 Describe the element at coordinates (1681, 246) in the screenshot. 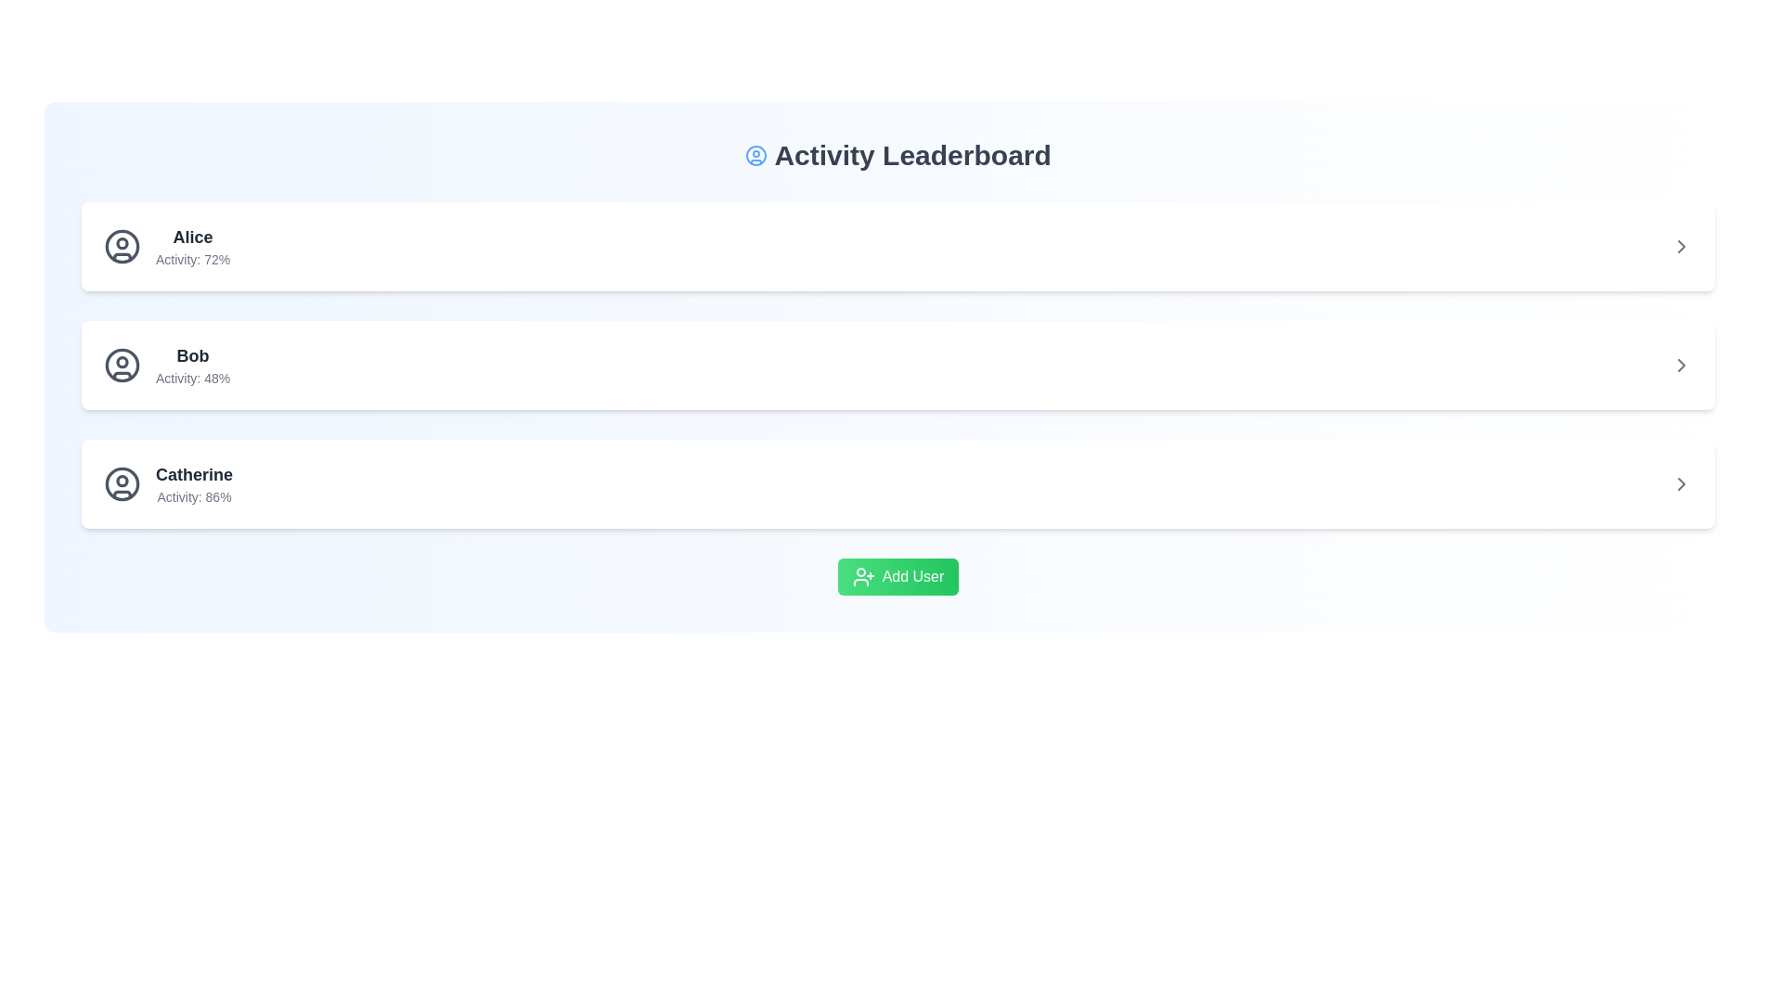

I see `the right-pointing chevron icon with a black outline located in the top right corner of the first user entry box aligned with 'Alice, Activity: 72%'` at that location.